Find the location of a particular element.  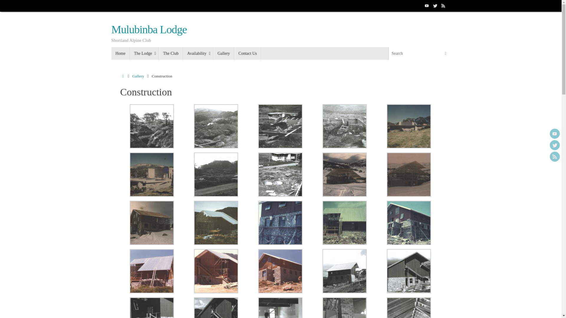

'Gallery' is located at coordinates (138, 76).